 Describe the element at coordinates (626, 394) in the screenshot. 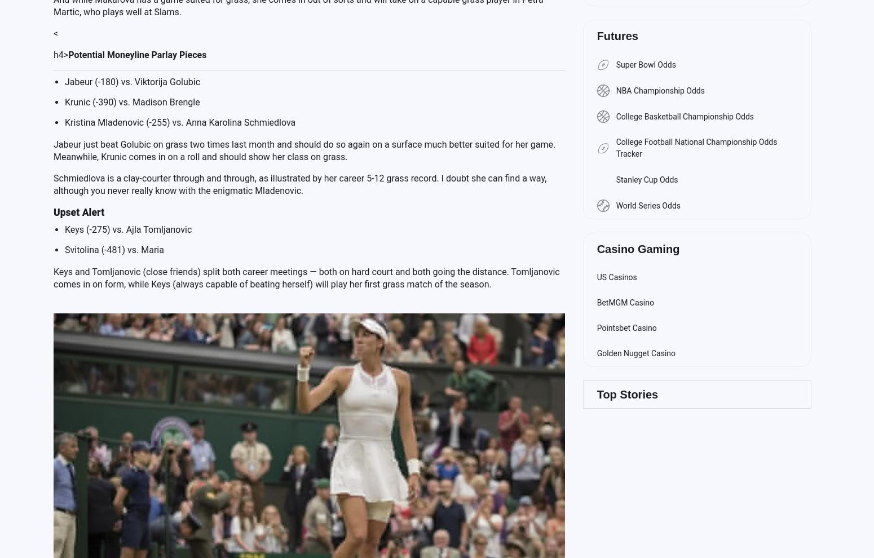

I see `'Top Stories'` at that location.